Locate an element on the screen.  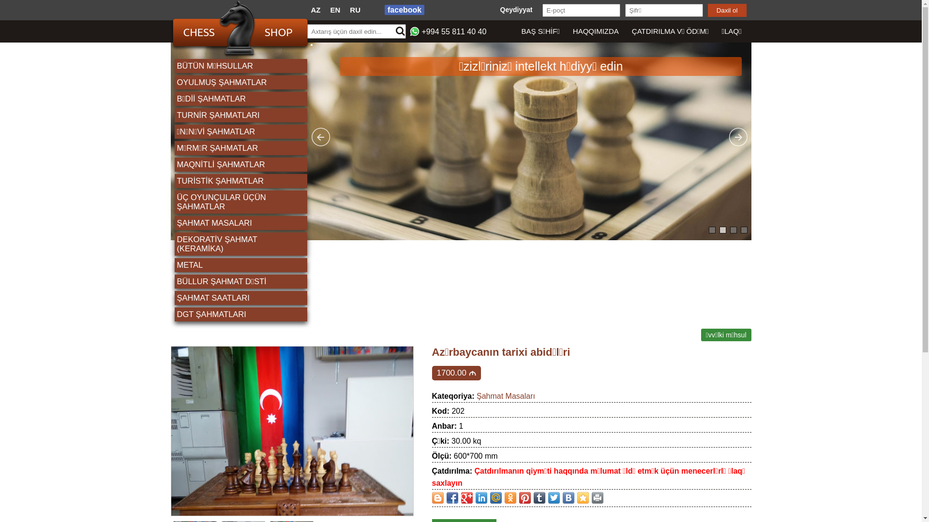
'Share on Twitter' is located at coordinates (548, 497).